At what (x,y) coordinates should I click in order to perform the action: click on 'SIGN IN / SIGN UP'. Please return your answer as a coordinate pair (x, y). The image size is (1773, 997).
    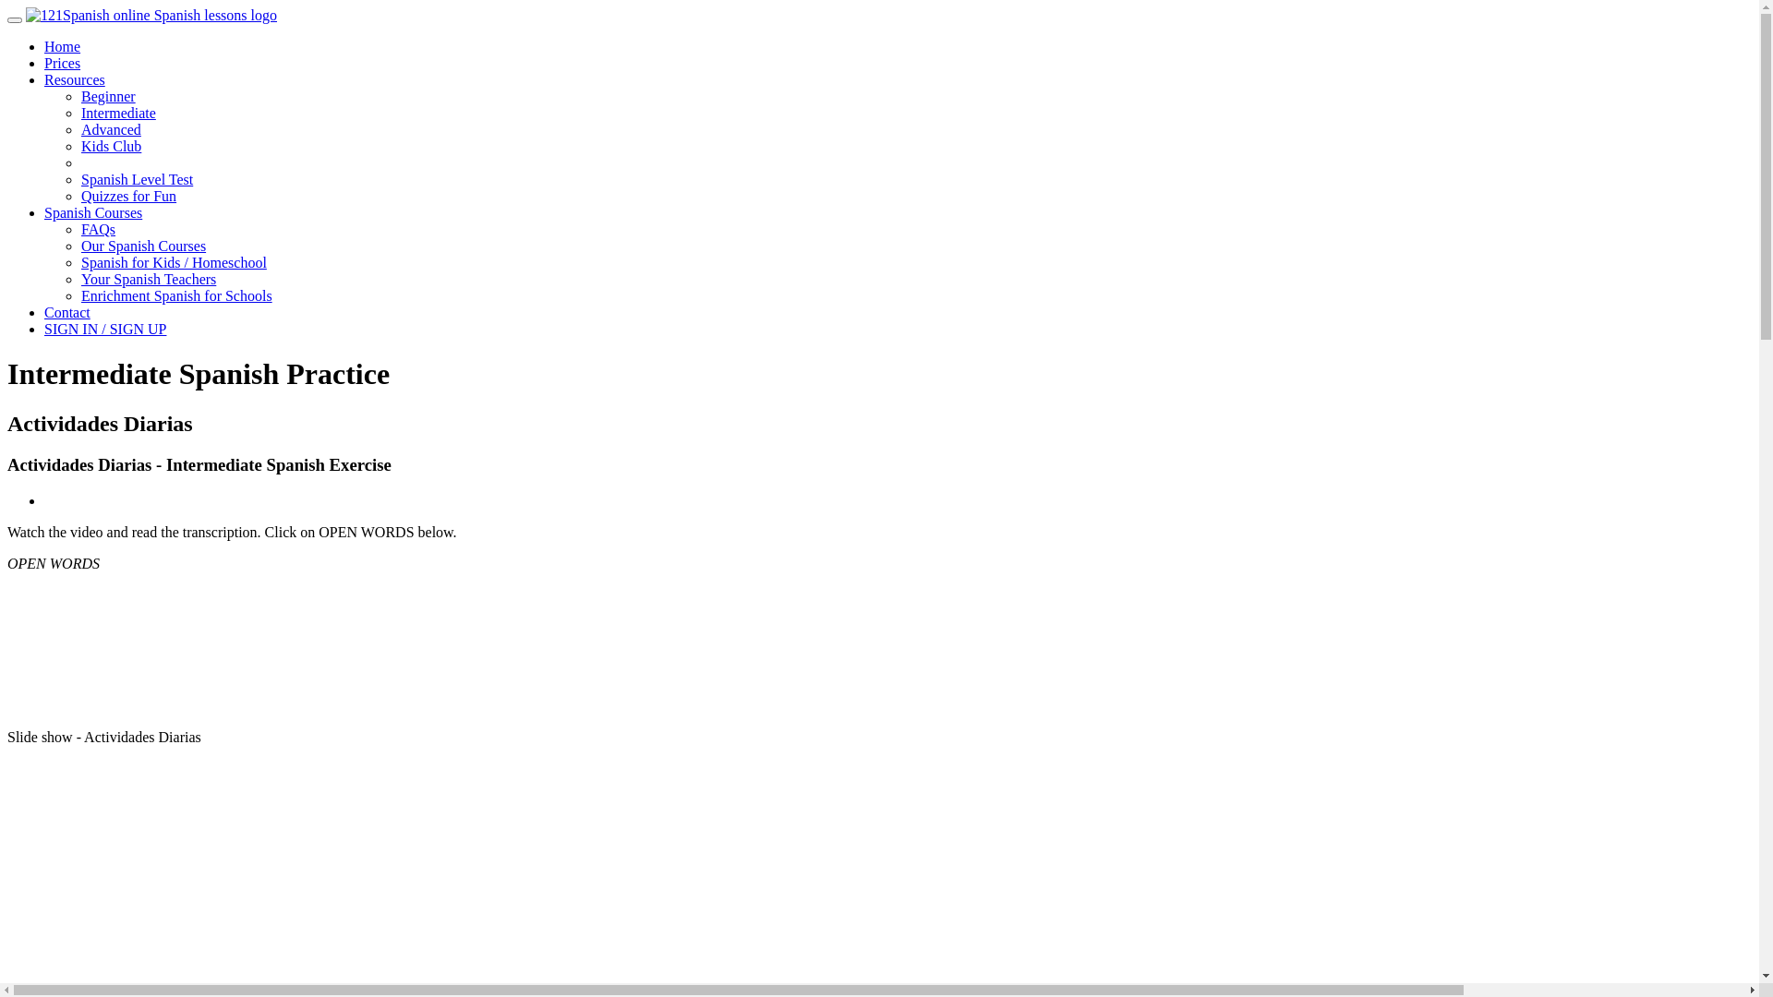
    Looking at the image, I should click on (44, 328).